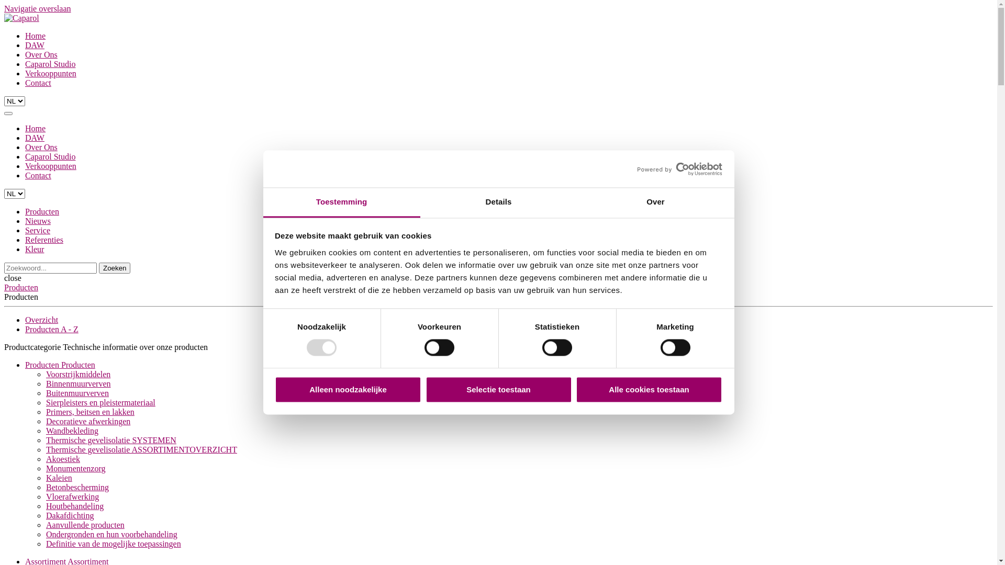  What do you see at coordinates (90, 411) in the screenshot?
I see `'Primers, beitsen en lakken'` at bounding box center [90, 411].